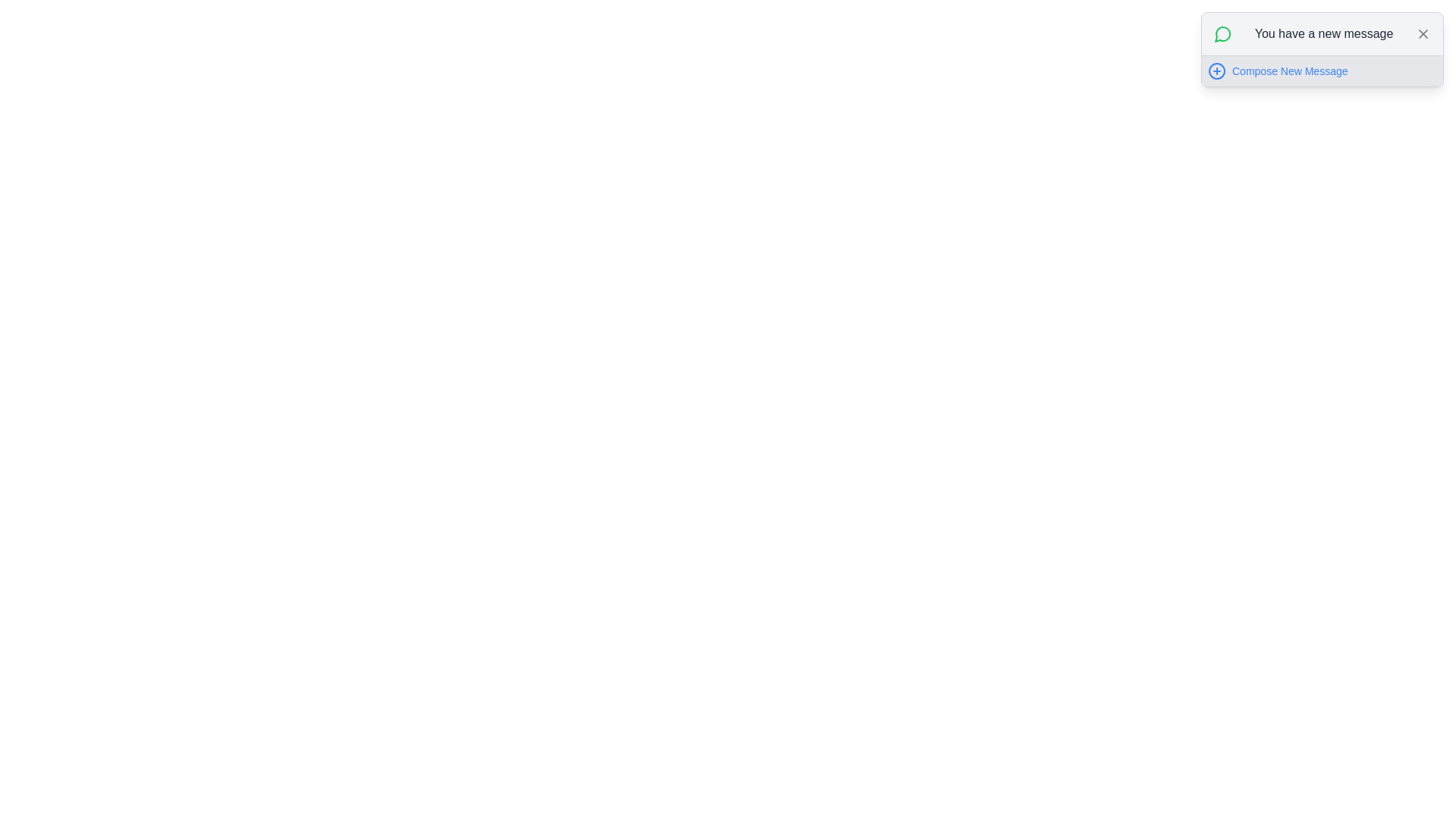 This screenshot has height=819, width=1456. What do you see at coordinates (1321, 70) in the screenshot?
I see `the Interactive Link with Icon located in the top-right corner of the interface, below the text 'You have a new message'` at bounding box center [1321, 70].